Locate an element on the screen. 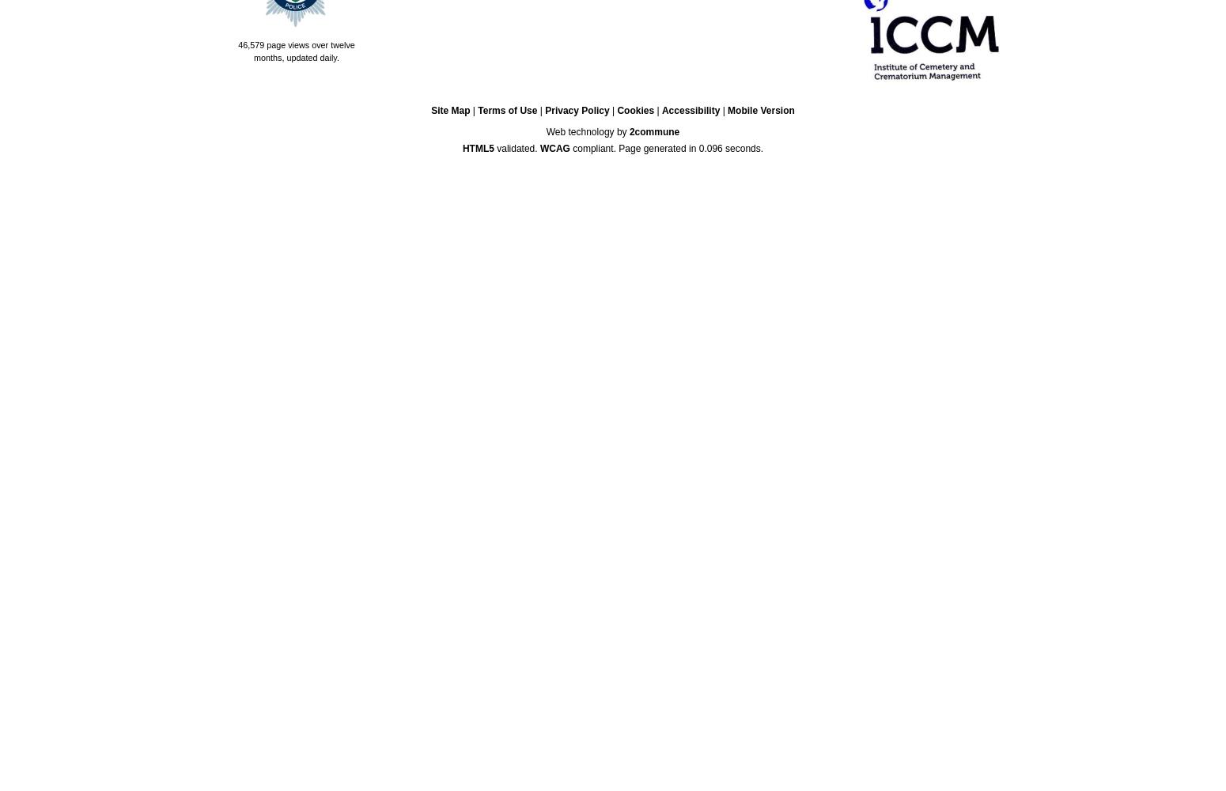 The width and height of the screenshot is (1226, 791). 'validated.' is located at coordinates (516, 148).